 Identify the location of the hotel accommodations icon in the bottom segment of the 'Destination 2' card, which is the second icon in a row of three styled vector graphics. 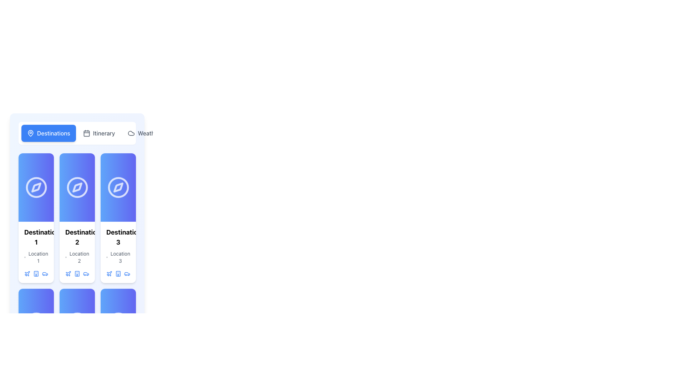
(77, 273).